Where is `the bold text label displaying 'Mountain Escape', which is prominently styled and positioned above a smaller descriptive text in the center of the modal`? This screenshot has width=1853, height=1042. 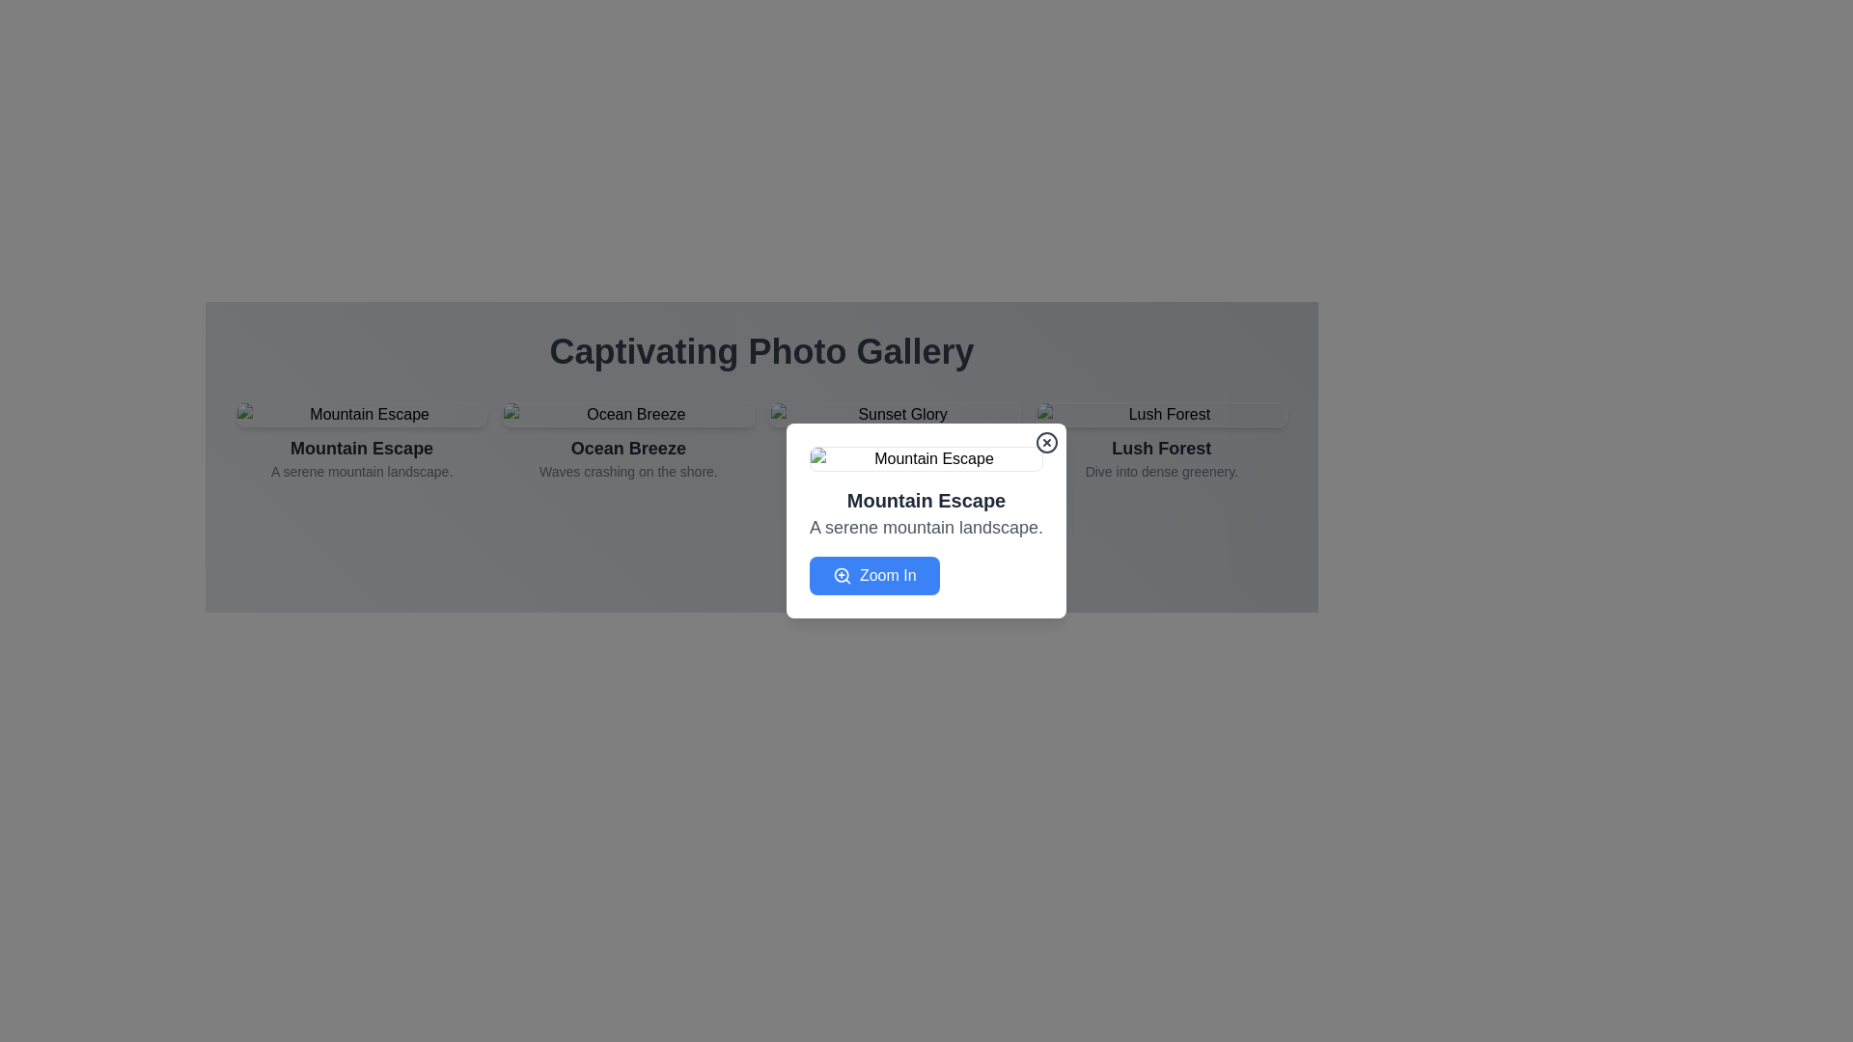
the bold text label displaying 'Mountain Escape', which is prominently styled and positioned above a smaller descriptive text in the center of the modal is located at coordinates (362, 449).